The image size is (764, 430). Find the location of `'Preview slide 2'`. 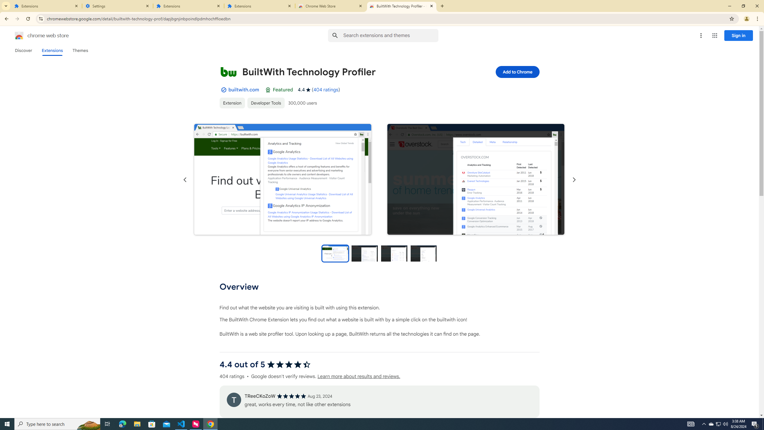

'Preview slide 2' is located at coordinates (365, 253).